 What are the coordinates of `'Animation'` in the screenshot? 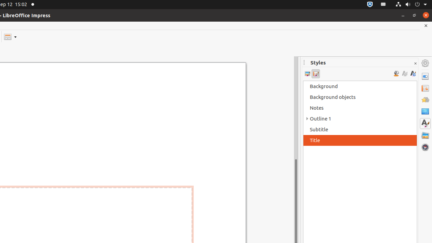 It's located at (425, 100).